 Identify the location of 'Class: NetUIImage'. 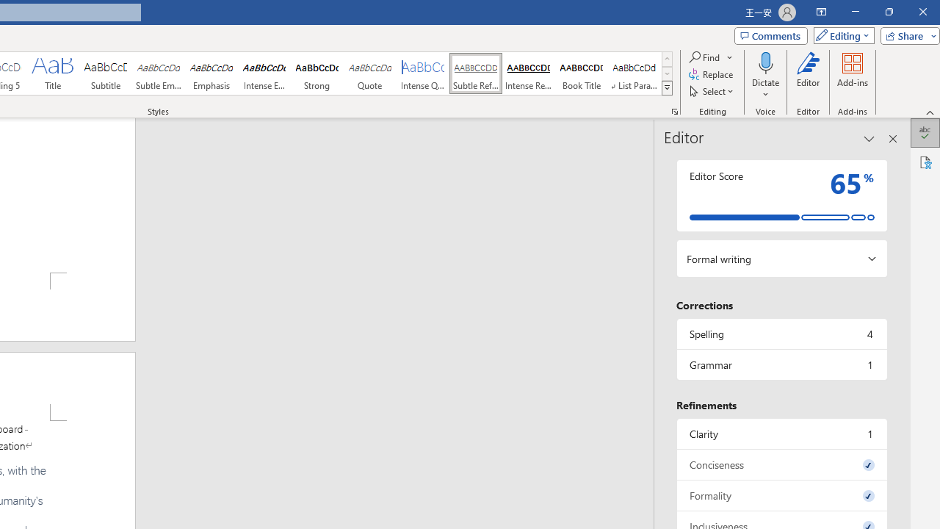
(666, 87).